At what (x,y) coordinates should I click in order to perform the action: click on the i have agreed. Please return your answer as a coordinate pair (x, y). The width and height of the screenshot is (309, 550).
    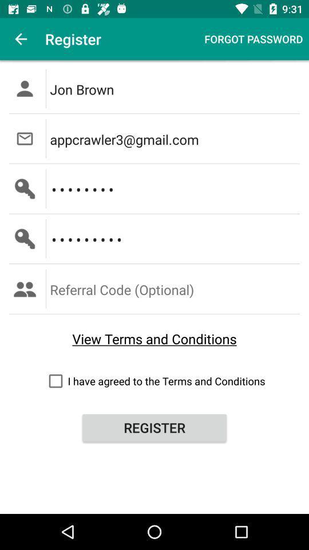
    Looking at the image, I should click on (154, 381).